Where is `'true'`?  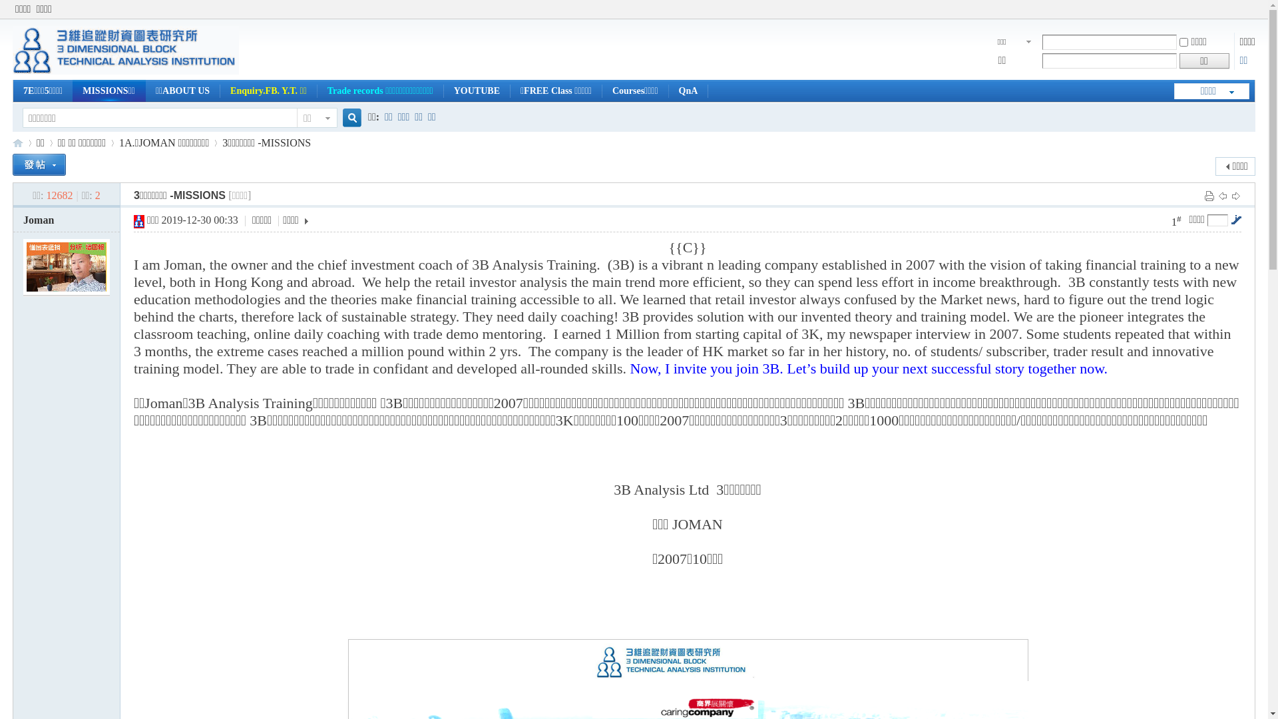
'true' is located at coordinates (348, 117).